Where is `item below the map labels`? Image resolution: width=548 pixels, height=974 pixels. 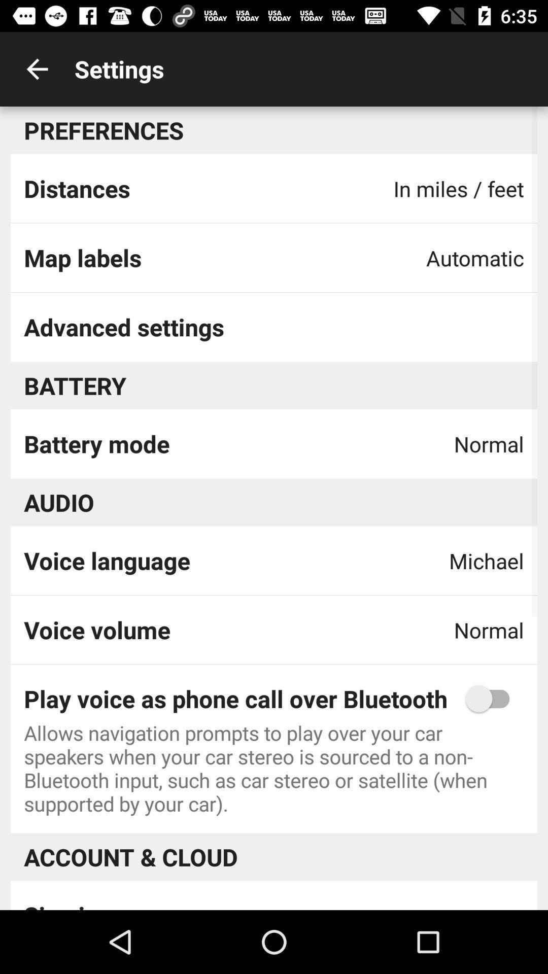
item below the map labels is located at coordinates (123, 327).